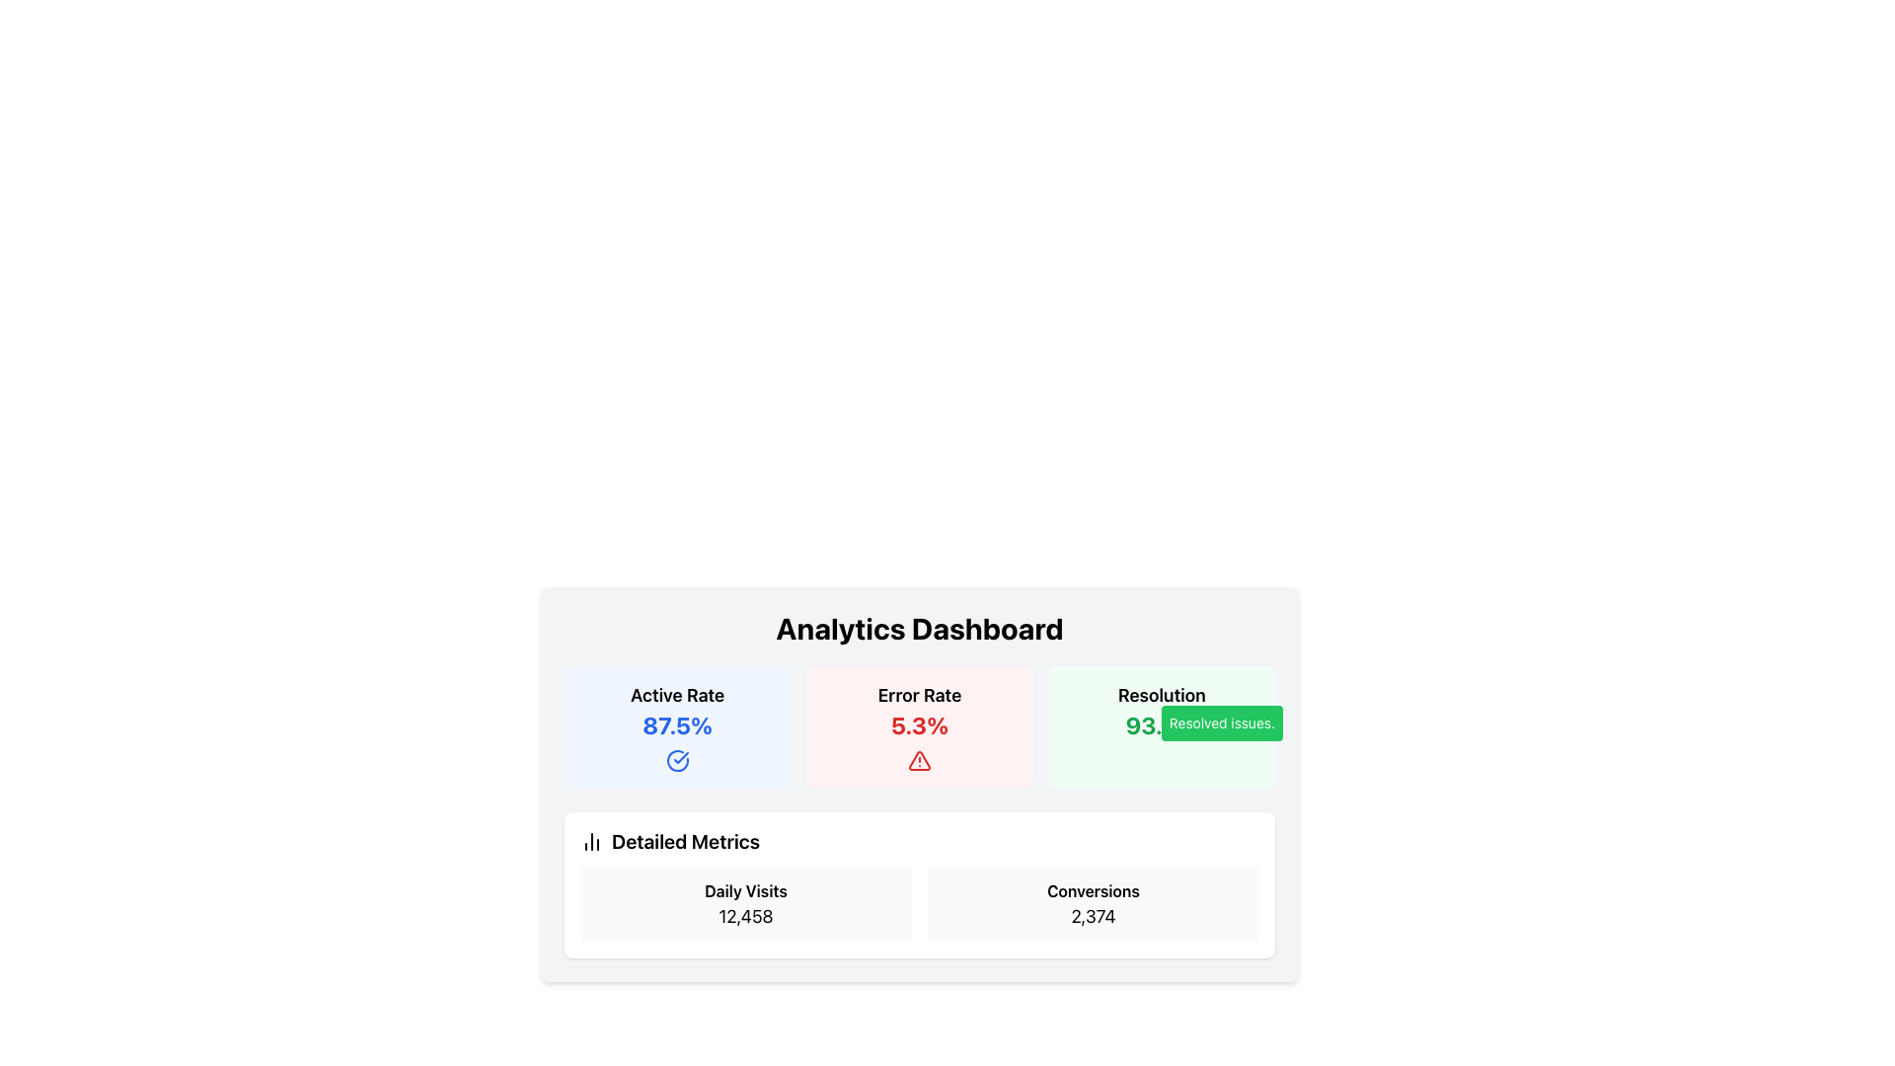 Image resolution: width=1895 pixels, height=1066 pixels. I want to click on the green badge labeled 'Resolved issues.' in the Information Card element, so click(1162, 726).